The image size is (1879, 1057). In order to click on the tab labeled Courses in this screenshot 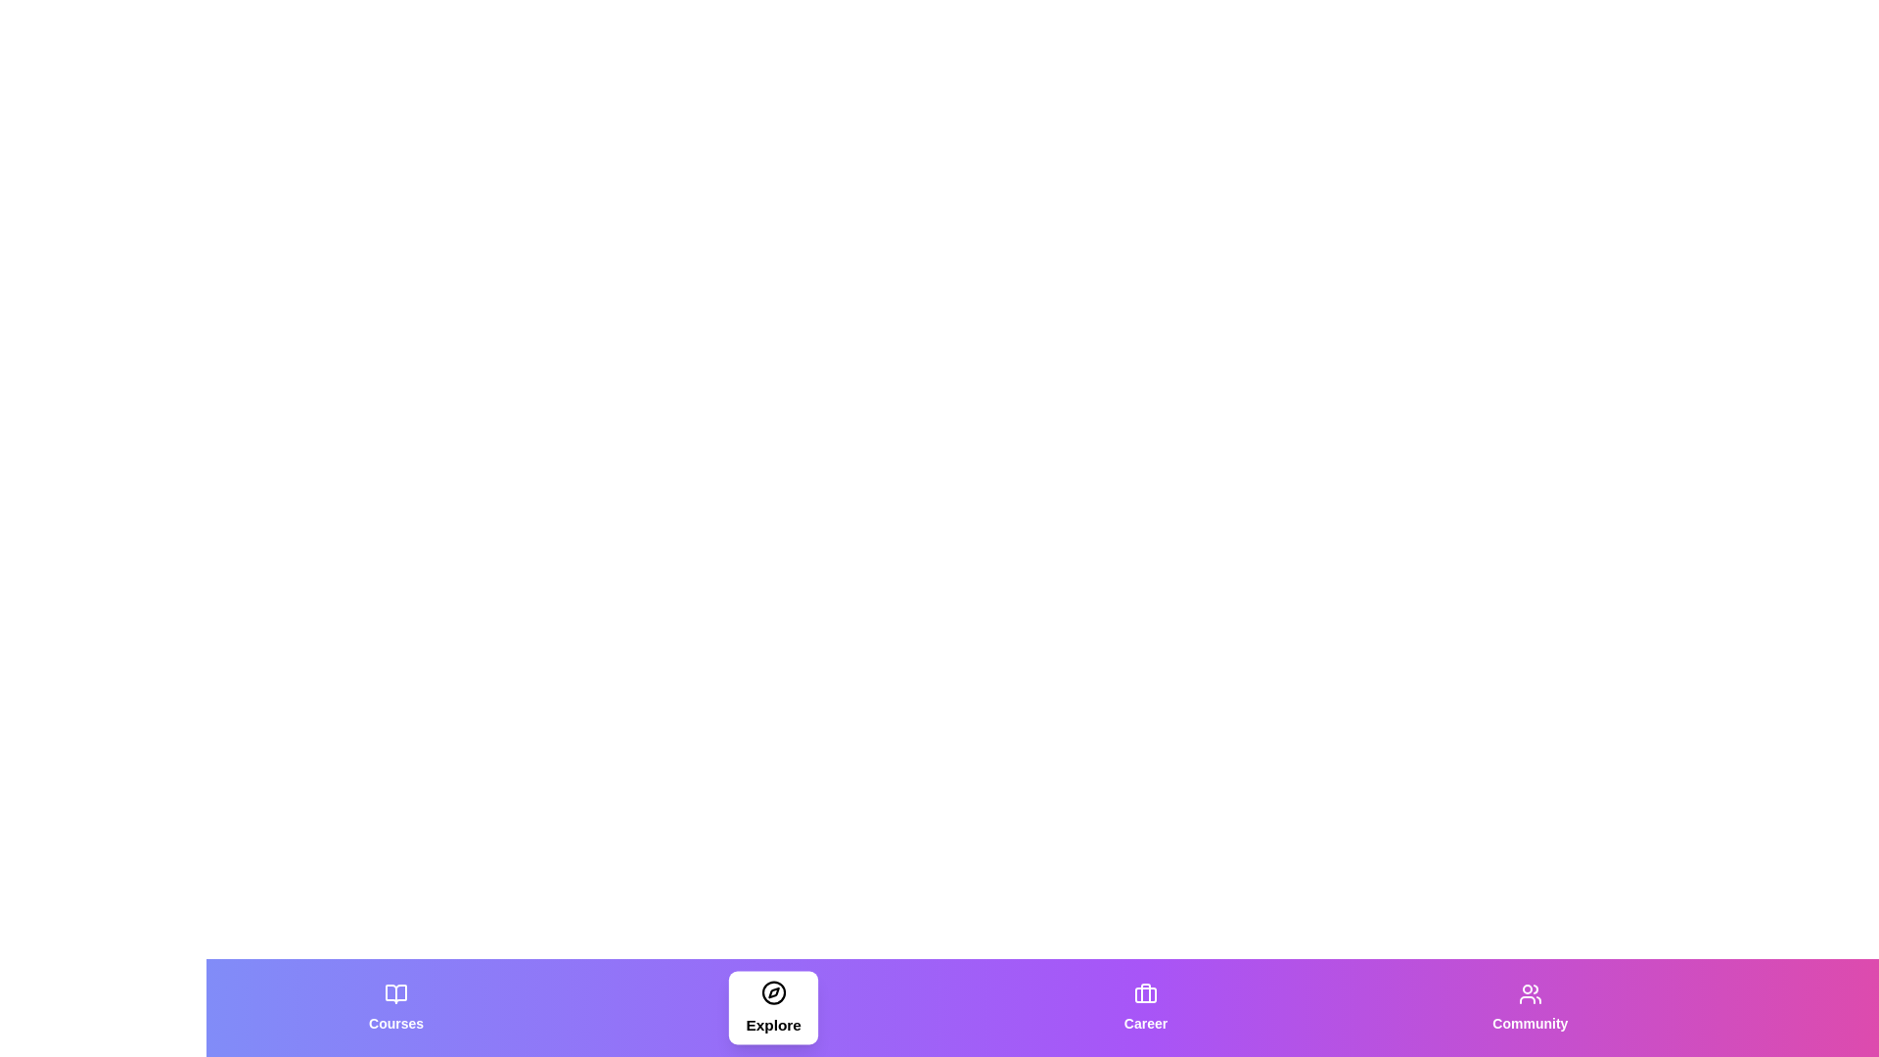, I will do `click(394, 1007)`.